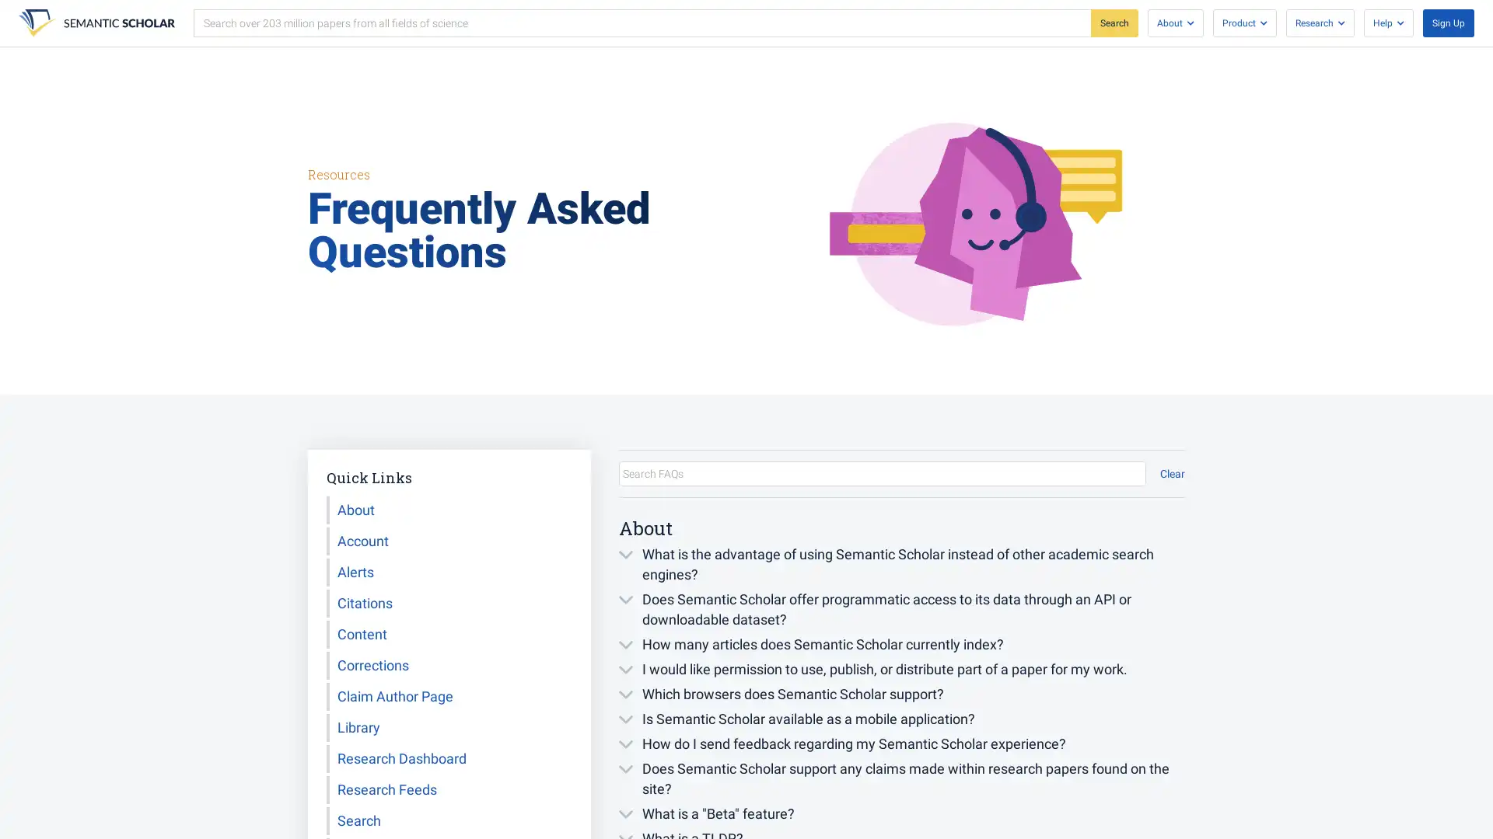  Describe the element at coordinates (1114, 23) in the screenshot. I see `Search` at that location.